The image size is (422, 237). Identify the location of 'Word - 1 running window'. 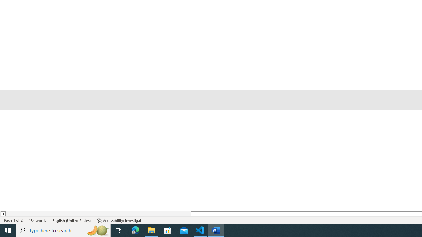
(216, 230).